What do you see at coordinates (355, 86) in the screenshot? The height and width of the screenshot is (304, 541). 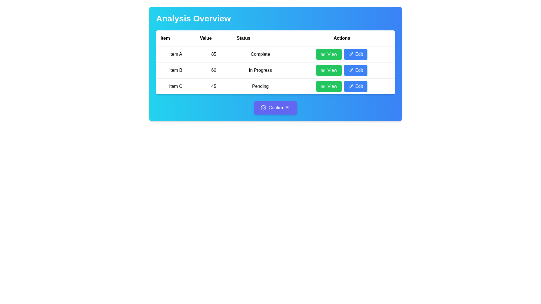 I see `the edit button in the 'Actions' column of the third row of the table` at bounding box center [355, 86].